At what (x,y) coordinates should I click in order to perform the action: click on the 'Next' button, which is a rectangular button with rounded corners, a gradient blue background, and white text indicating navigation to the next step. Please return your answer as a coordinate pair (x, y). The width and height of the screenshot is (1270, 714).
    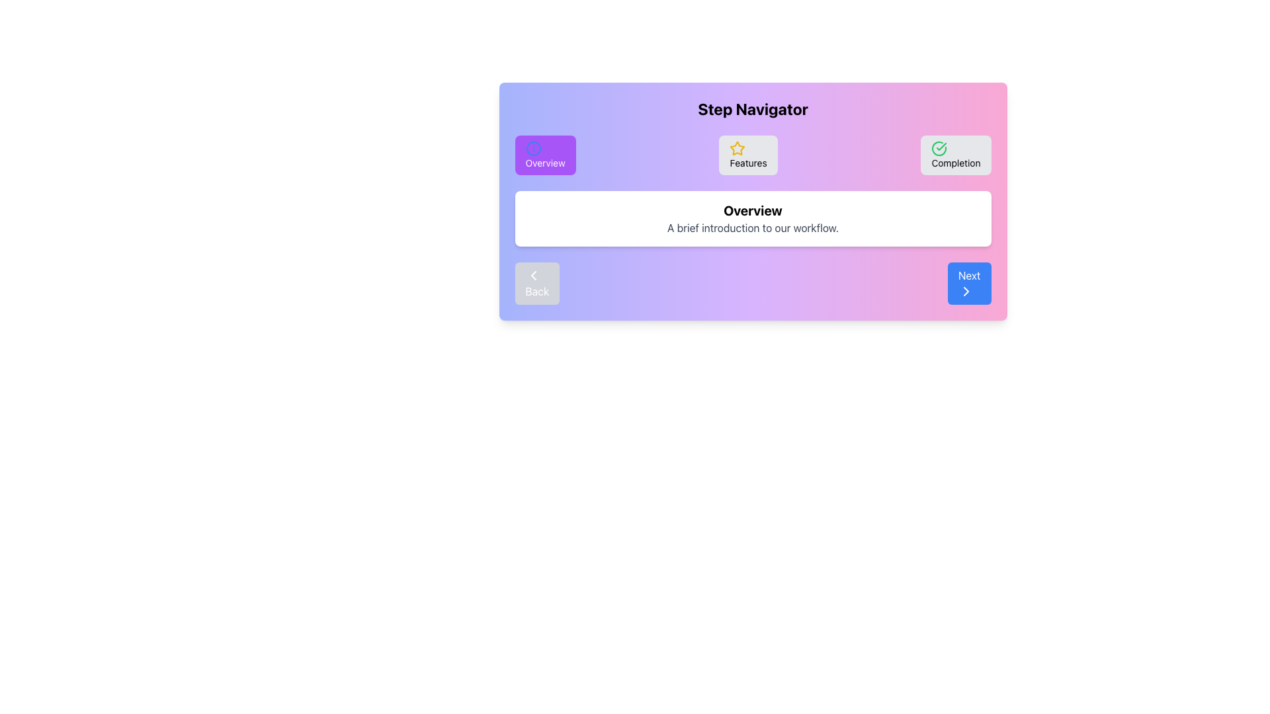
    Looking at the image, I should click on (969, 282).